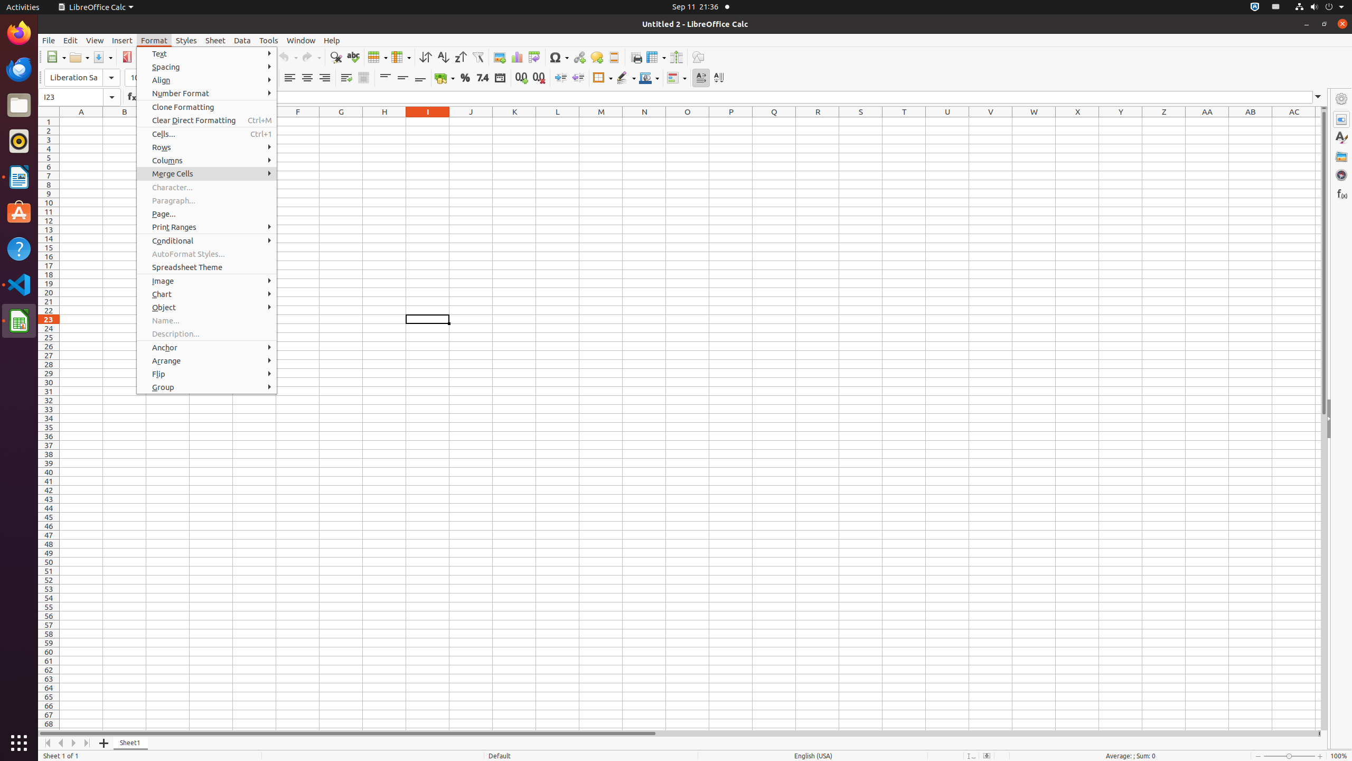 Image resolution: width=1352 pixels, height=761 pixels. What do you see at coordinates (206, 133) in the screenshot?
I see `'Cells...'` at bounding box center [206, 133].